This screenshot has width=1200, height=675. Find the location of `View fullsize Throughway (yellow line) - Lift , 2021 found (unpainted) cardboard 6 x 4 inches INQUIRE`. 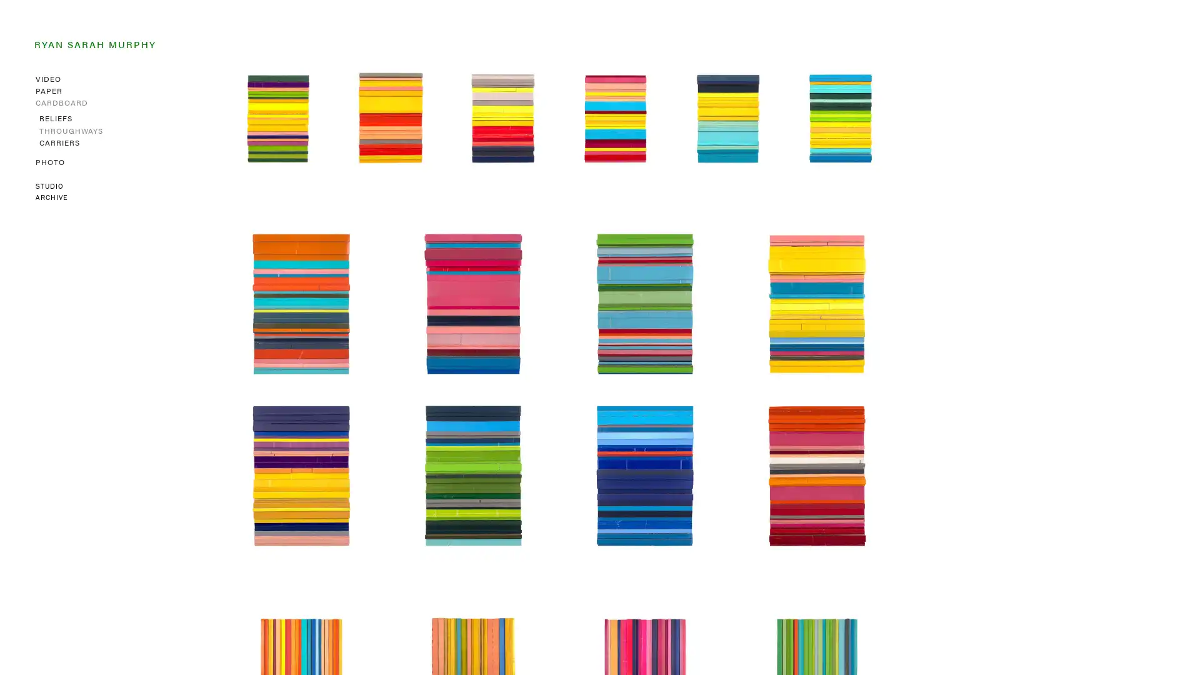

View fullsize Throughway (yellow line) - Lift , 2021 found (unpainted) cardboard 6 x 4 inches INQUIRE is located at coordinates (503, 118).